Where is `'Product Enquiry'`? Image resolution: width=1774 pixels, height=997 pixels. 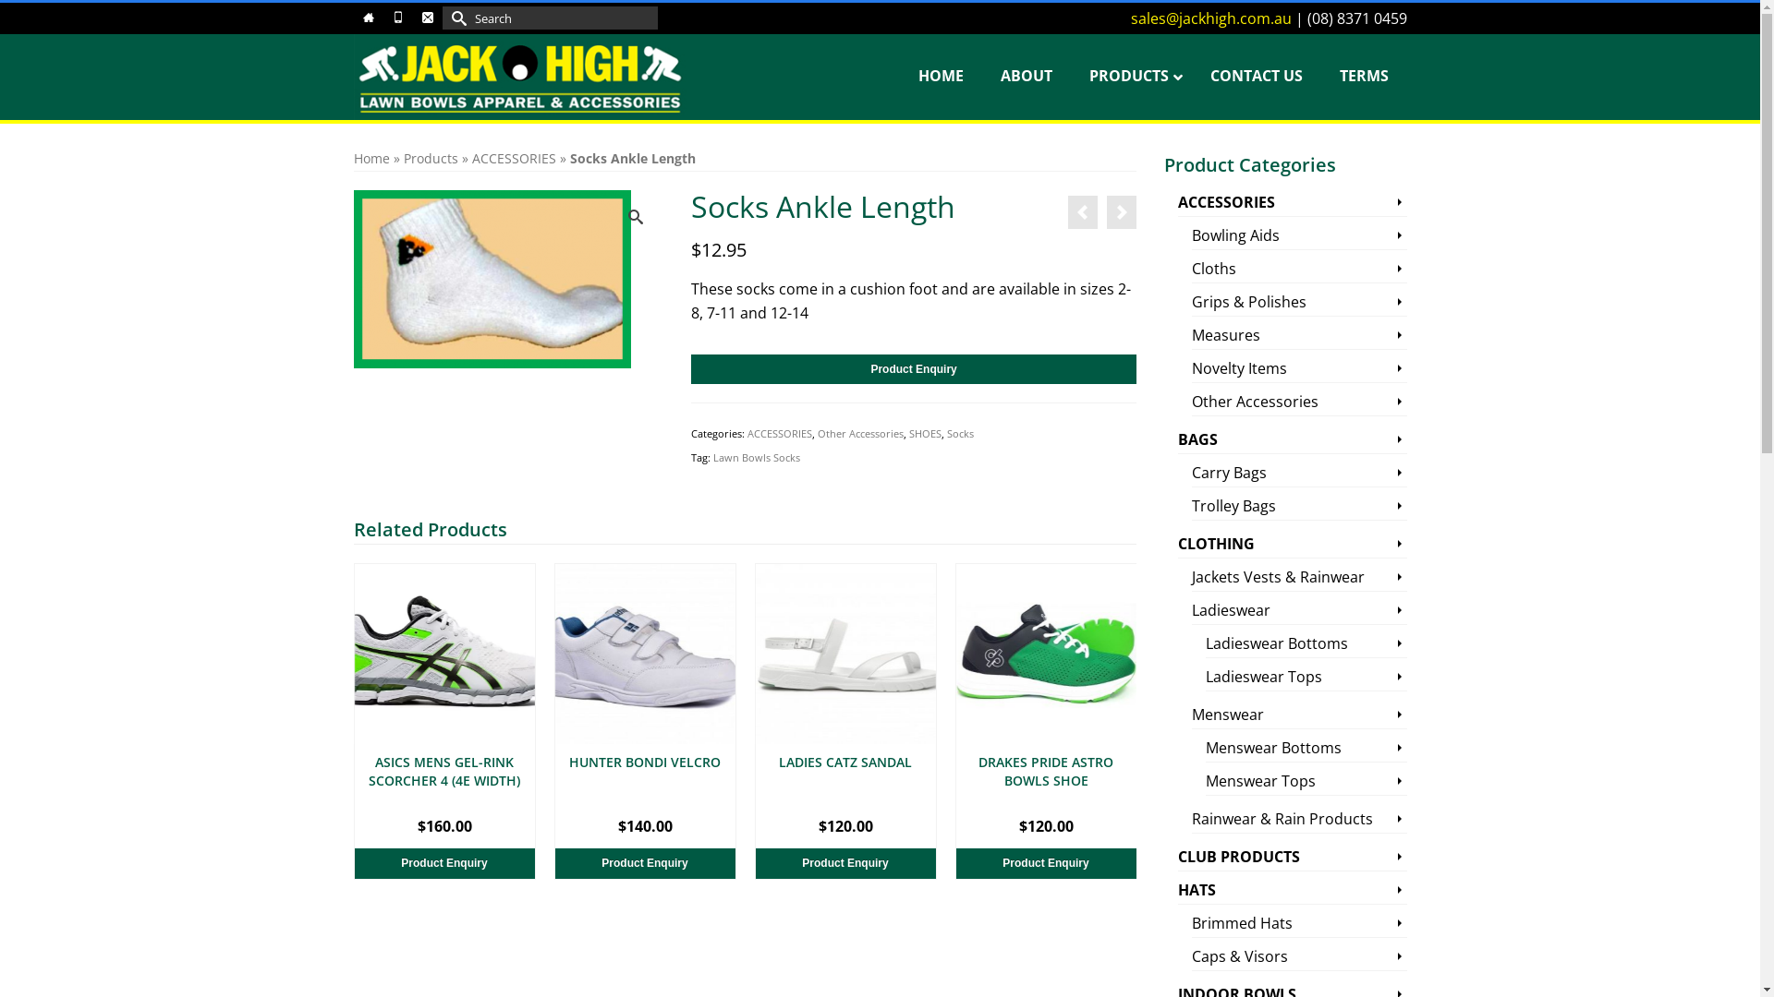
'Product Enquiry' is located at coordinates (644, 863).